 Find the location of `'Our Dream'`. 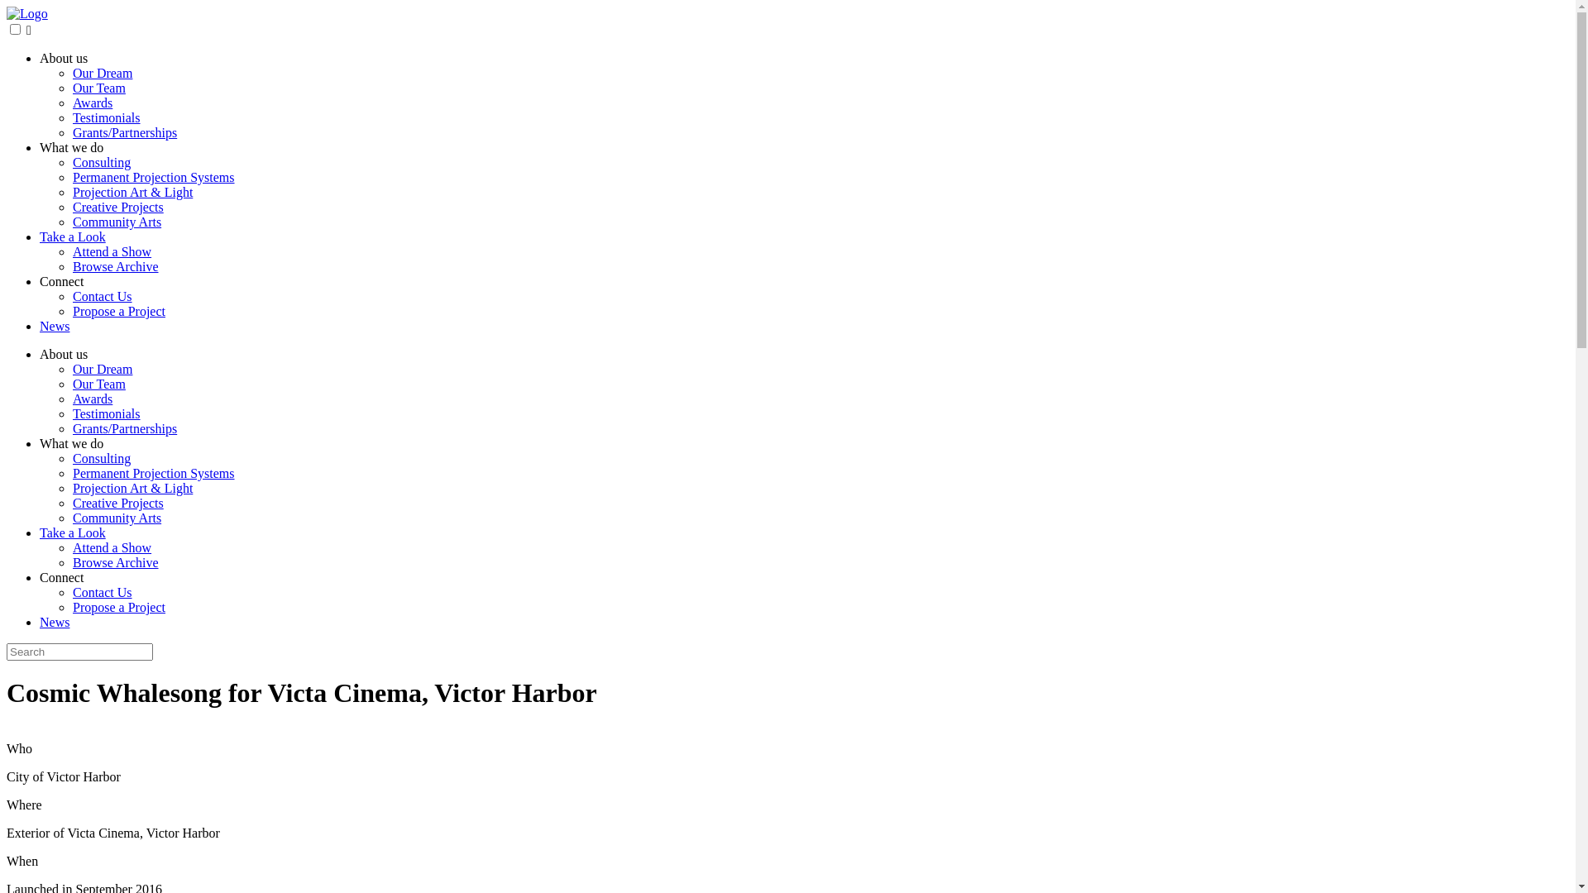

'Our Dream' is located at coordinates (102, 72).